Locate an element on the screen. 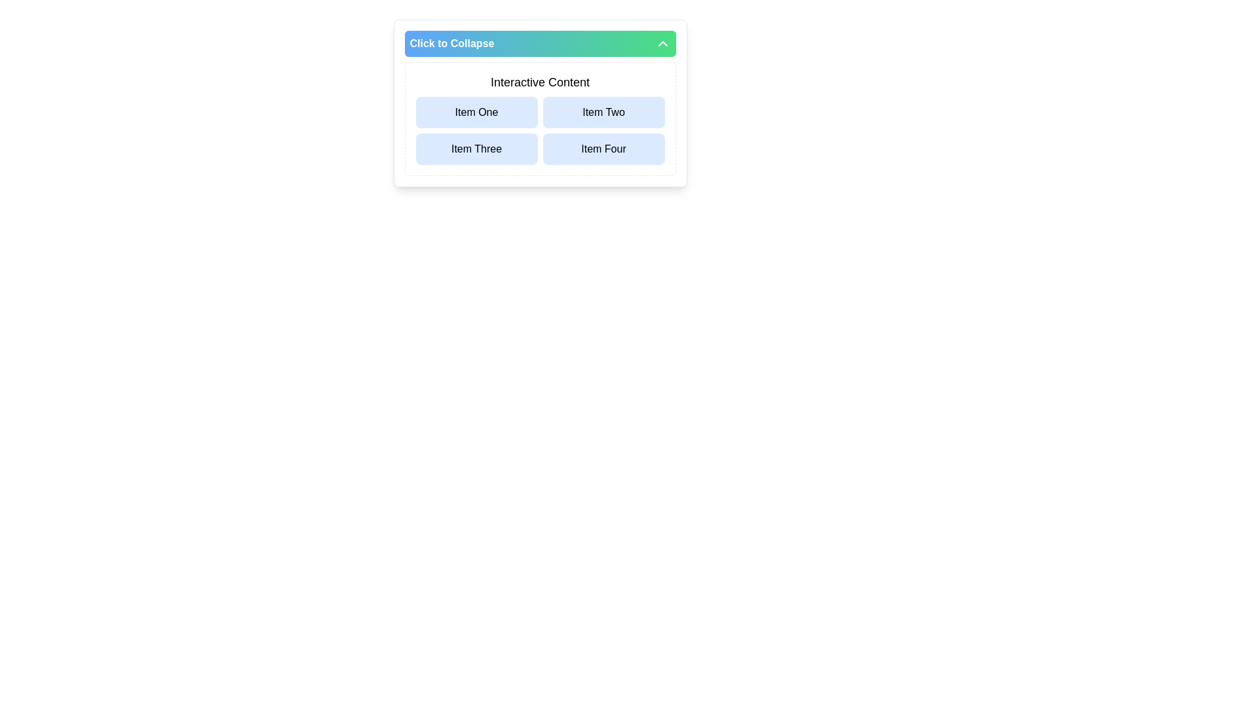 This screenshot has width=1258, height=707. the Label element with the text 'Item Two', which has a light blue background and is located in the second position of a grid layout is located at coordinates (603, 112).